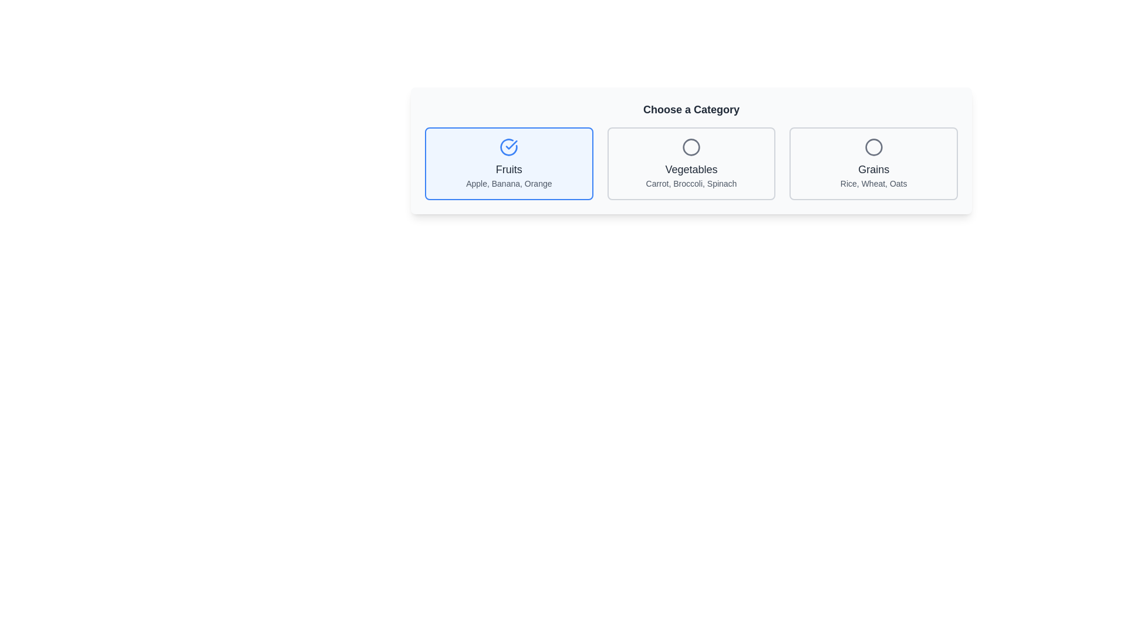 The image size is (1127, 634). Describe the element at coordinates (691, 146) in the screenshot. I see `the circular icon with a gray outline and a dot in the center, located at the top center of the 'Vegetables' card` at that location.